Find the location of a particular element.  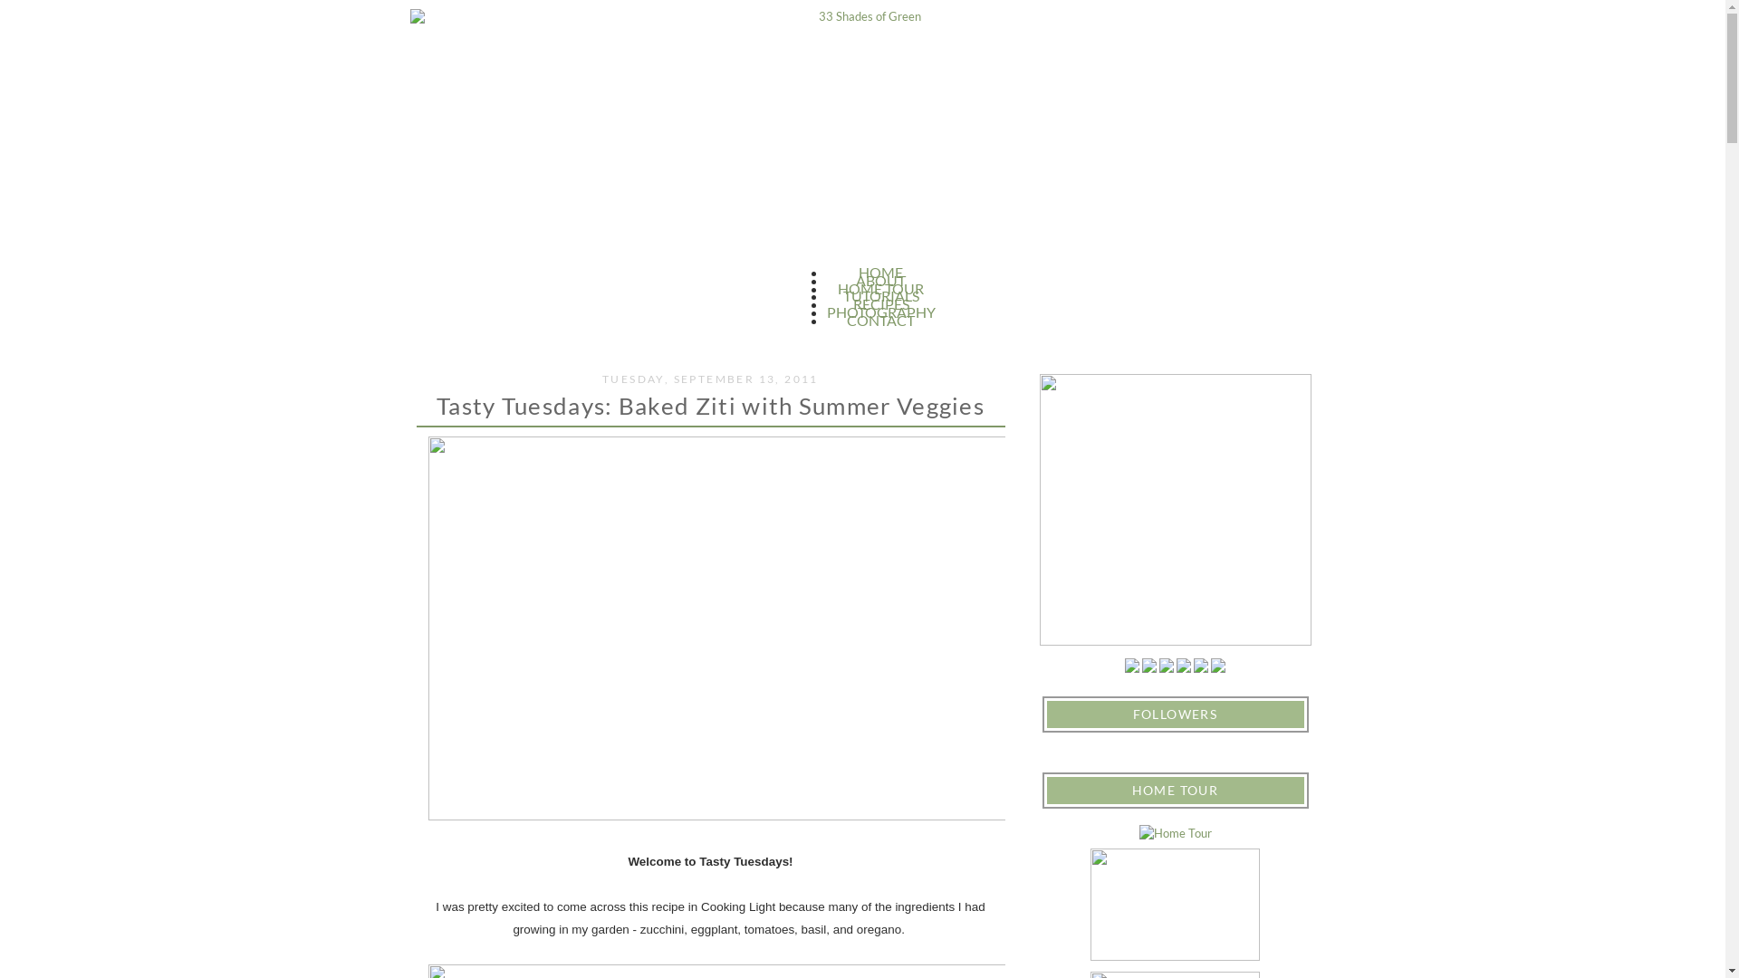

'HOME' is located at coordinates (880, 272).